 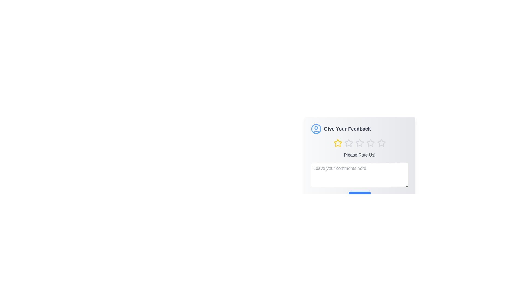 What do you see at coordinates (338, 143) in the screenshot?
I see `the first interactive star icon in the rating system, outlined in yellow, located near the title 'Please Rate Us!'` at bounding box center [338, 143].